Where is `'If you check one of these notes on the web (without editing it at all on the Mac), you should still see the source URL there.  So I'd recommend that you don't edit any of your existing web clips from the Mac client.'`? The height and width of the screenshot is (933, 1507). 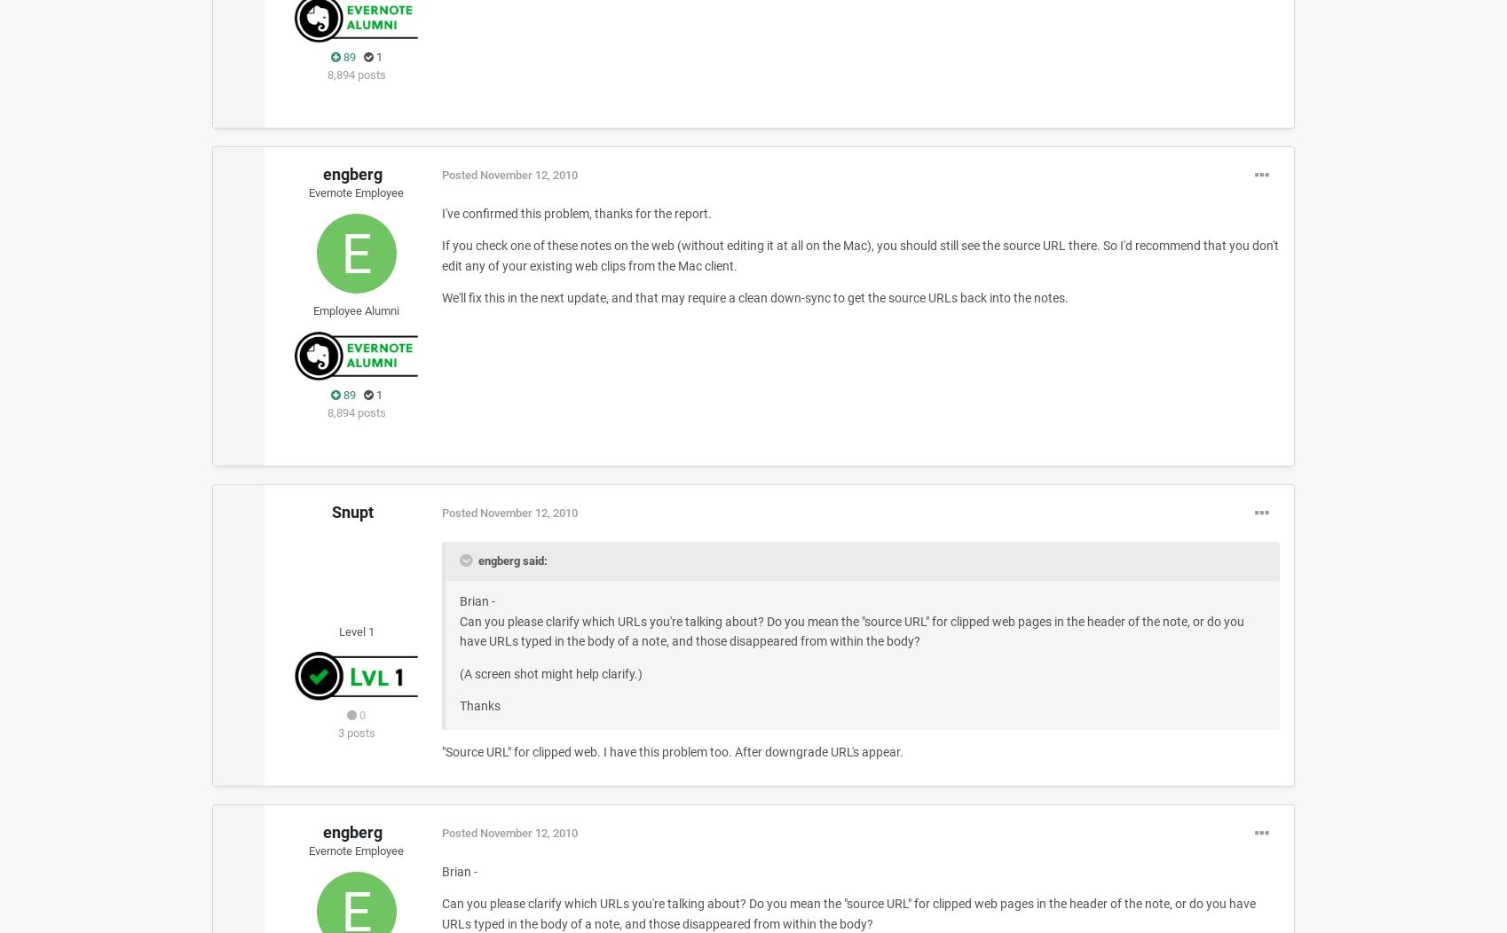 'If you check one of these notes on the web (without editing it at all on the Mac), you should still see the source URL there.  So I'd recommend that you don't edit any of your existing web clips from the Mac client.' is located at coordinates (858, 255).